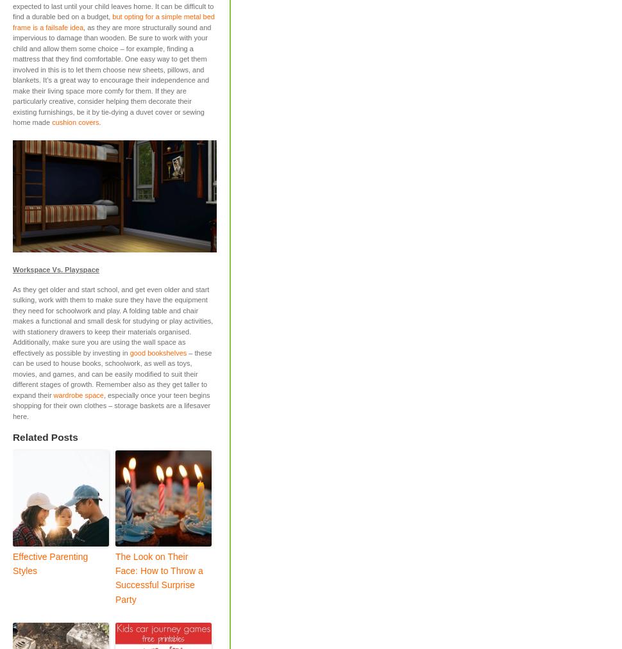  What do you see at coordinates (111, 404) in the screenshot?
I see `', especially once your teen begins shopping for their own clothes – storage baskets are a lifesaver here.'` at bounding box center [111, 404].